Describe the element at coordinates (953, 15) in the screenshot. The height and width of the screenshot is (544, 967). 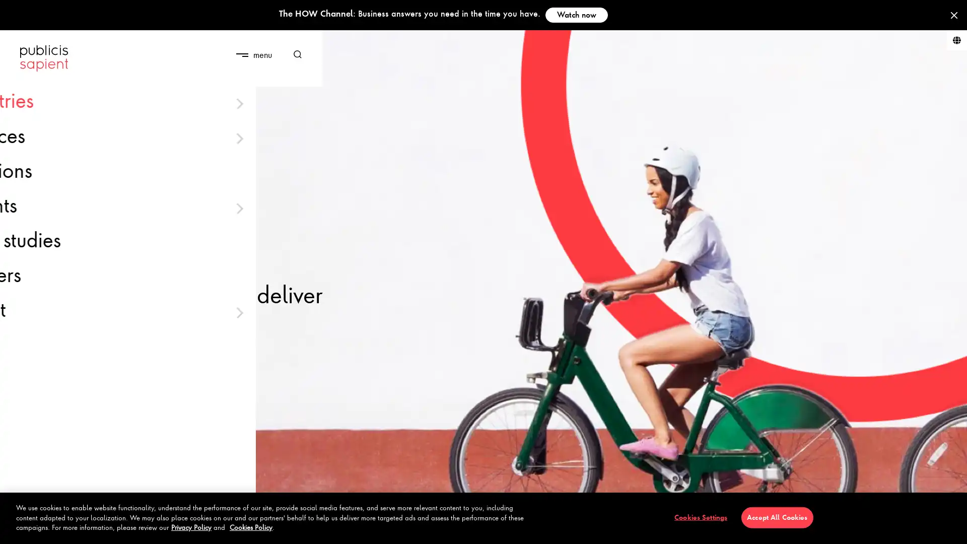
I see `Close notification` at that location.